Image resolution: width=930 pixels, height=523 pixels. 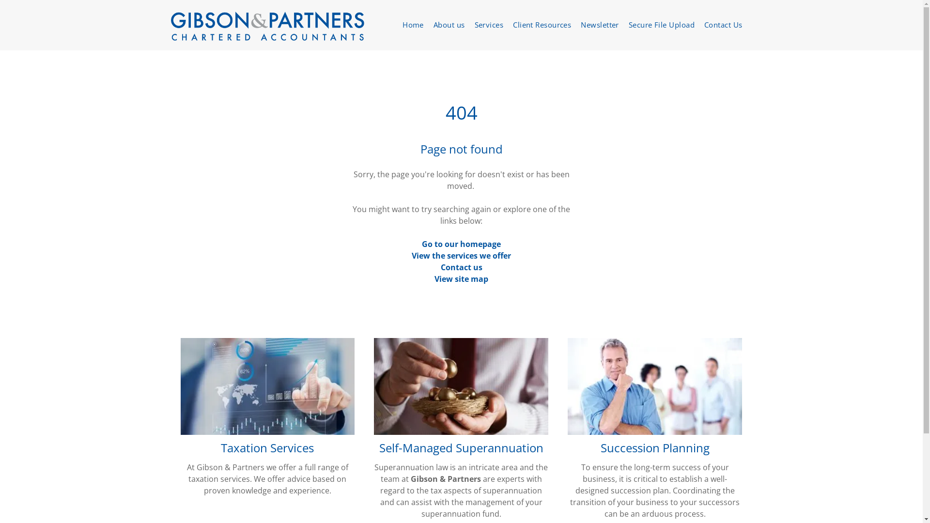 I want to click on 'Home', so click(x=397, y=24).